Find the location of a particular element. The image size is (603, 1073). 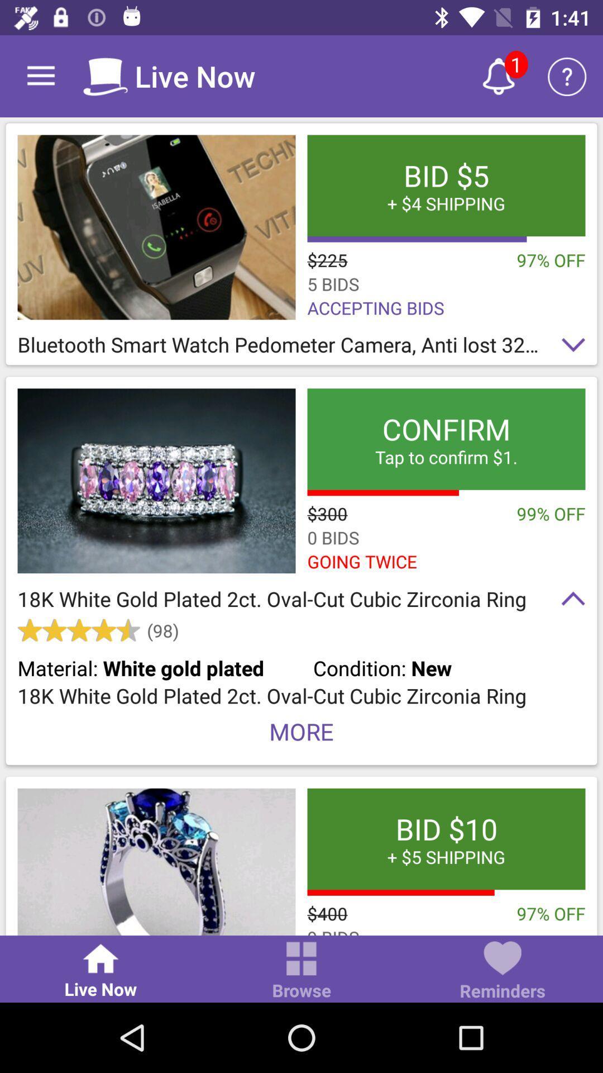

photo of ring link to item for sale is located at coordinates (156, 861).